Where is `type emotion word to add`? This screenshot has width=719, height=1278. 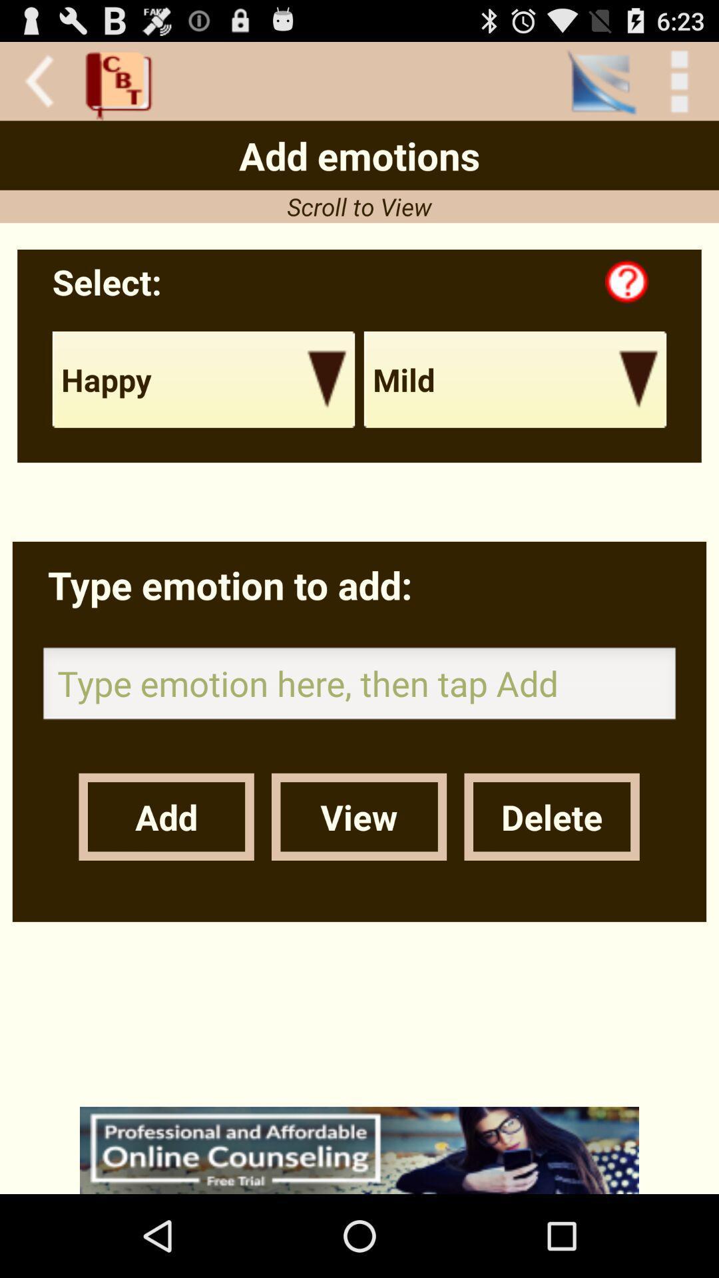
type emotion word to add is located at coordinates (359, 687).